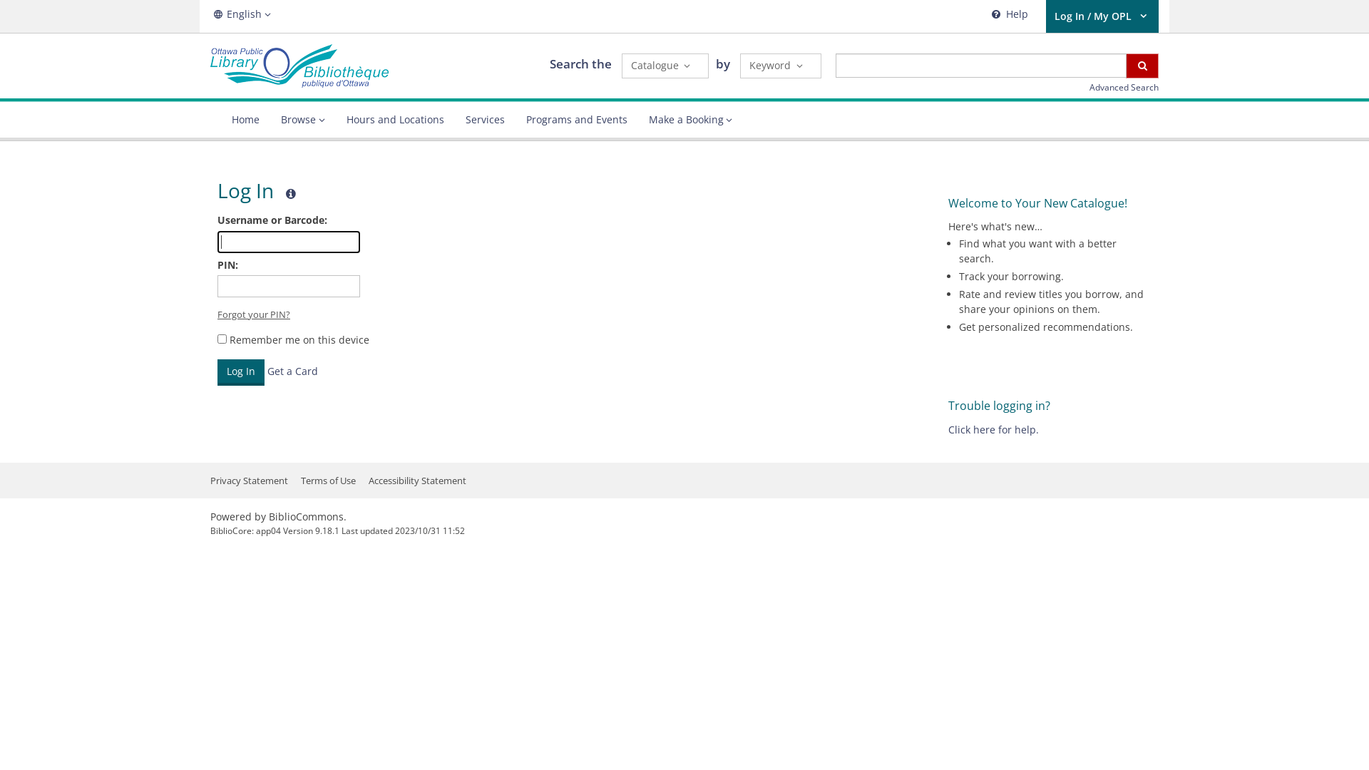 The height and width of the screenshot is (770, 1369). I want to click on 'Home', so click(245, 119).